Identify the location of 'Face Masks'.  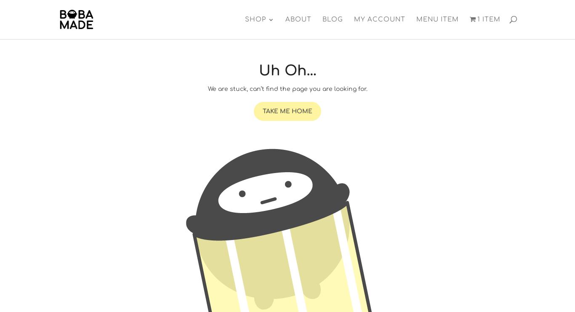
(276, 68).